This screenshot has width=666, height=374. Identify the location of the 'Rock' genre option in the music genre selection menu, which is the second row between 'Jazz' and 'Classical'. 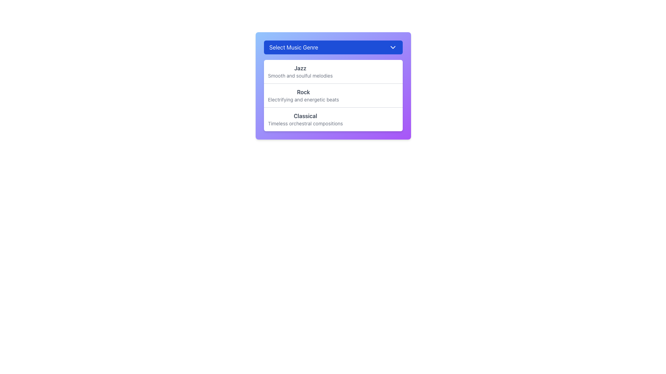
(333, 96).